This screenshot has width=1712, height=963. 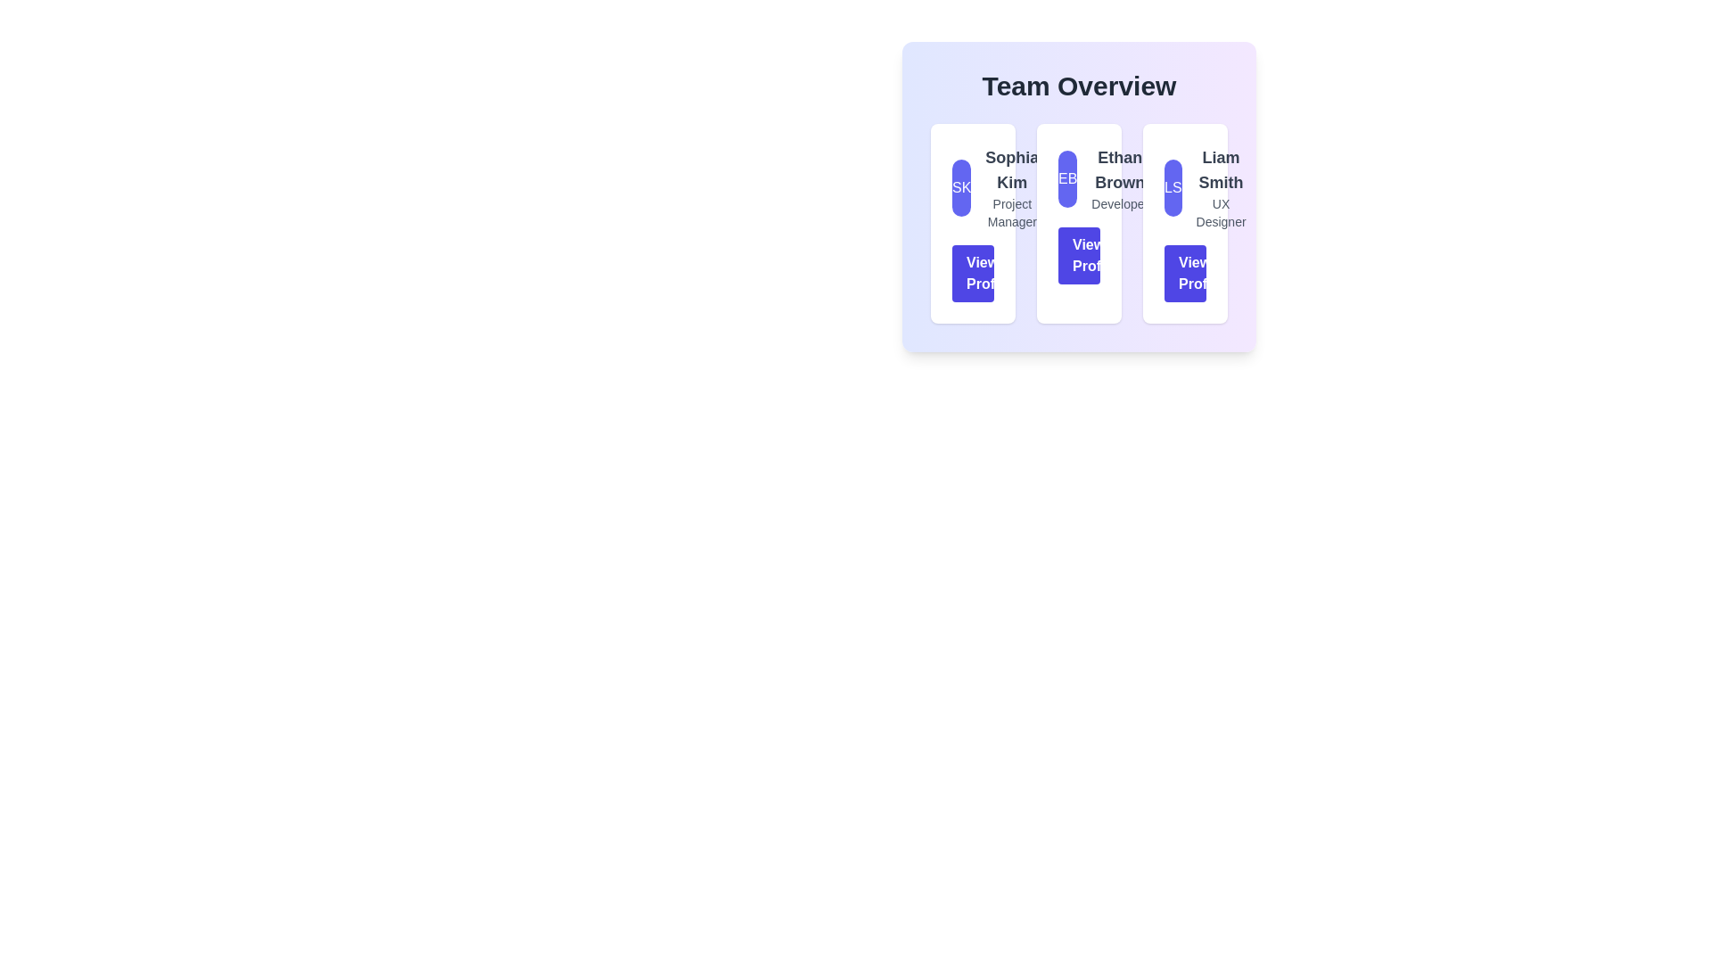 I want to click on the circular avatar representing 'SK' for 'Sophia Kim' located in the 'Team Overview' section, so click(x=960, y=188).